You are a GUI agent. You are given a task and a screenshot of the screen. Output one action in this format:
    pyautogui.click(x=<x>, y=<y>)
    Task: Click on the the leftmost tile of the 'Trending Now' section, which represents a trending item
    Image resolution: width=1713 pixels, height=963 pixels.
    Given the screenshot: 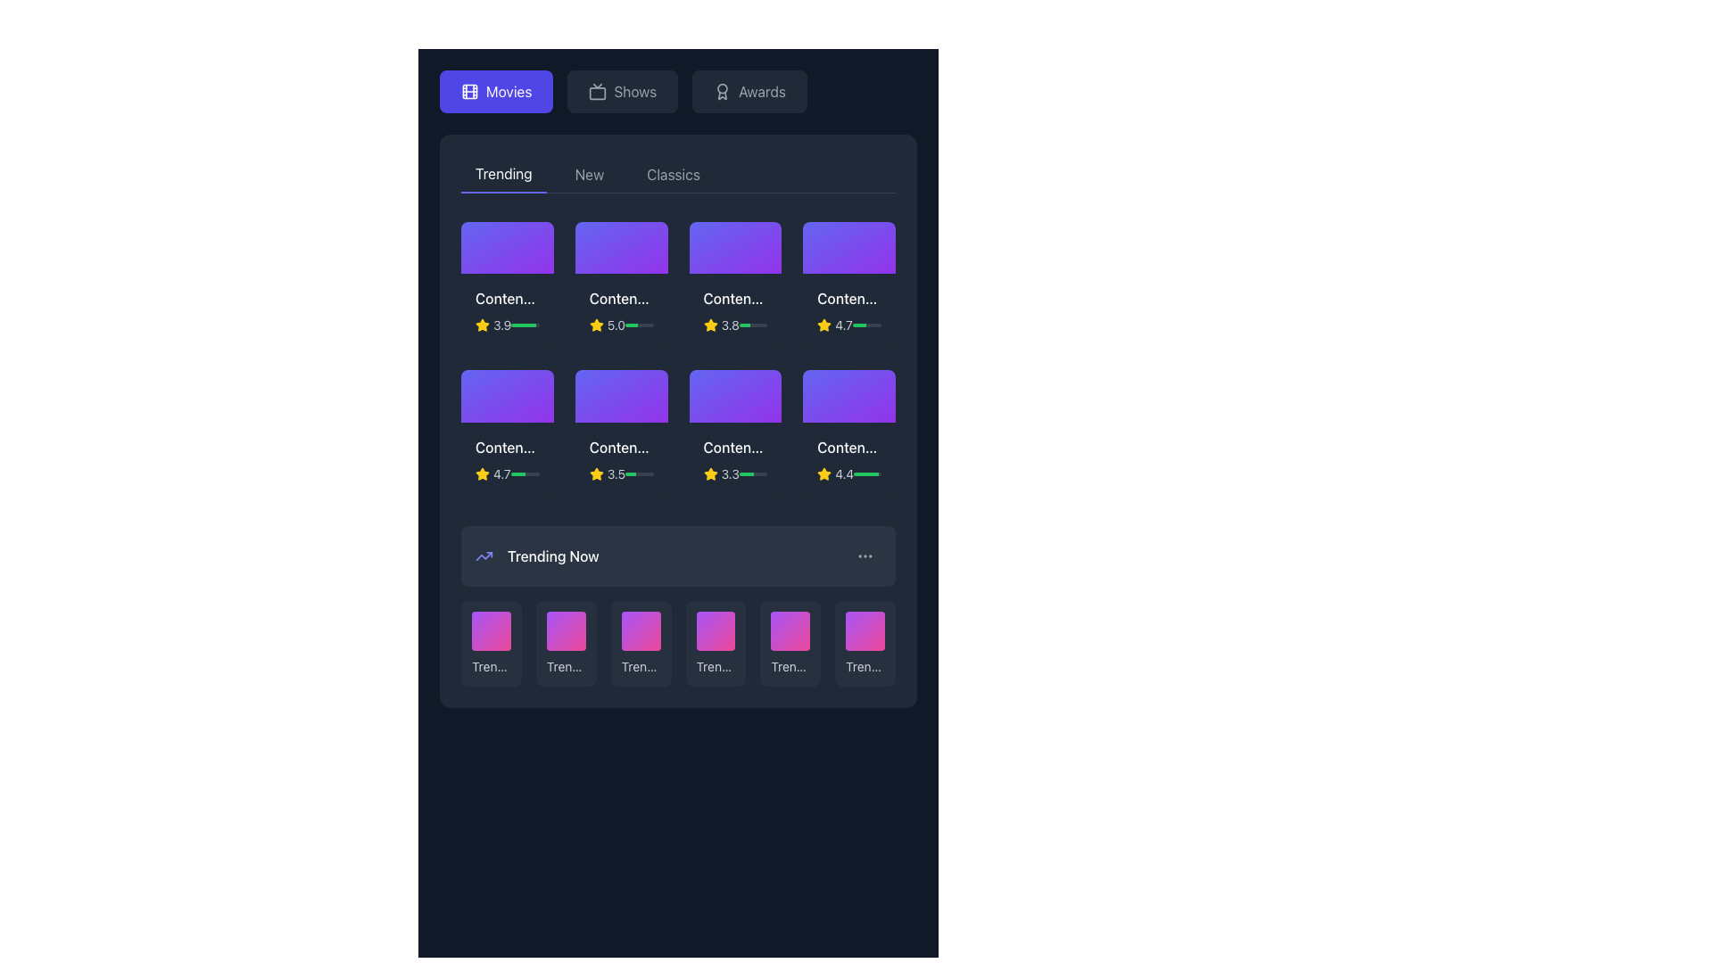 What is the action you would take?
    pyautogui.click(x=491, y=643)
    